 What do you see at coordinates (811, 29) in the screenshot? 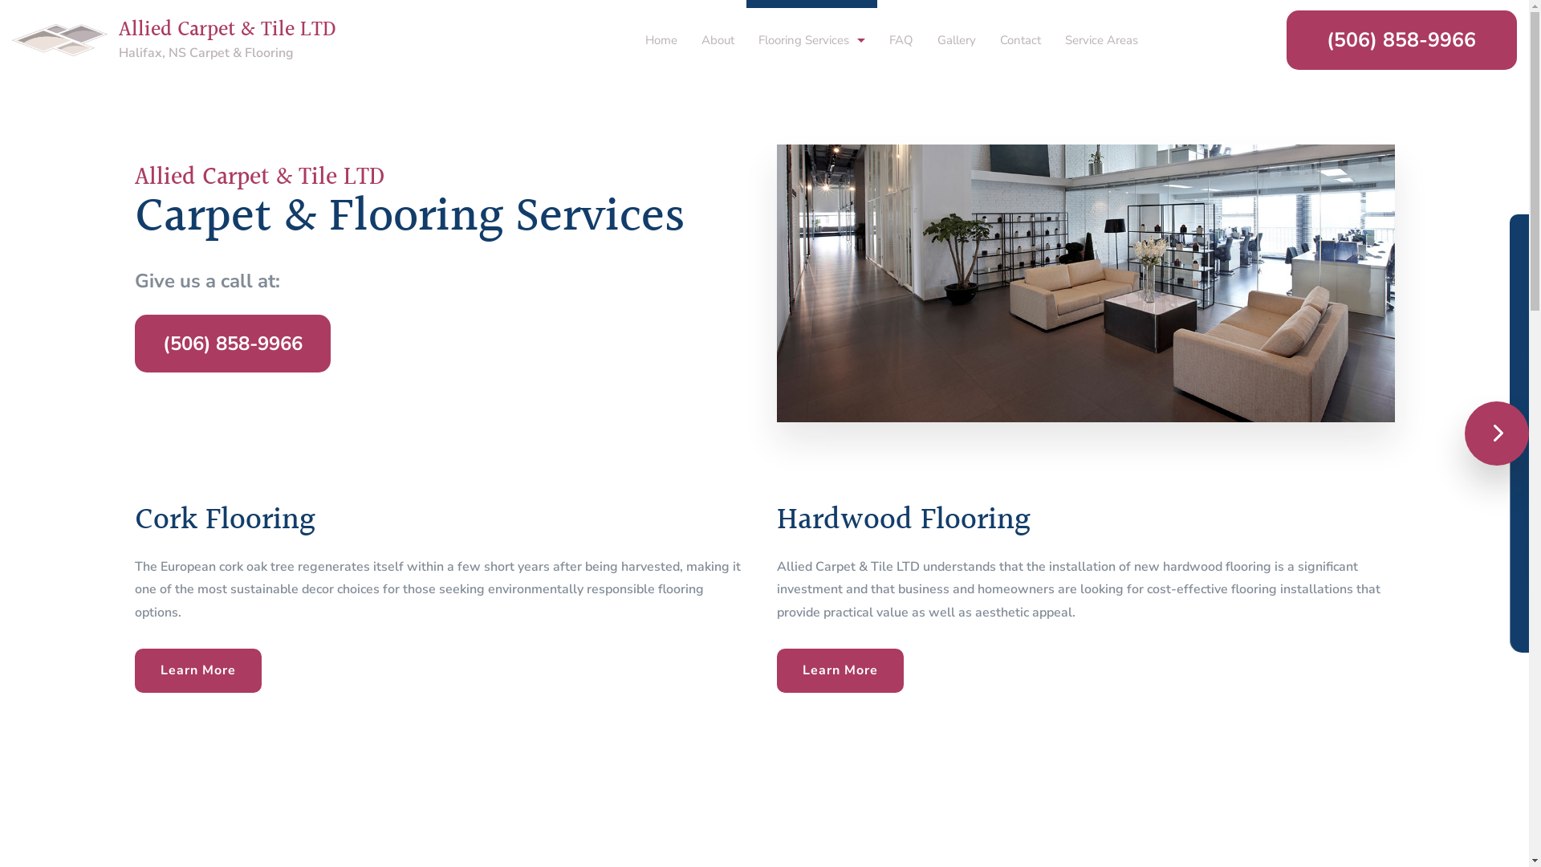
I see `'Flooring Services'` at bounding box center [811, 29].